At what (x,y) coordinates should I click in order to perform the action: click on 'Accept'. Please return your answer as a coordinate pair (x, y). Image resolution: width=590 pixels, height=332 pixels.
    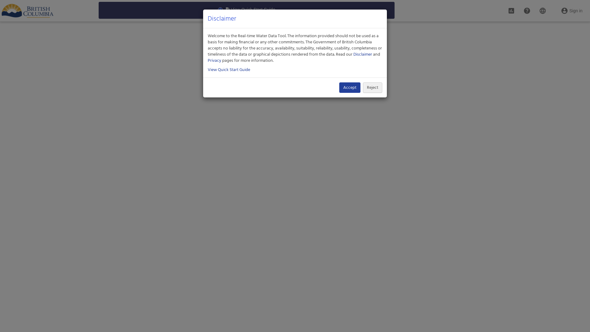
    Looking at the image, I should click on (350, 88).